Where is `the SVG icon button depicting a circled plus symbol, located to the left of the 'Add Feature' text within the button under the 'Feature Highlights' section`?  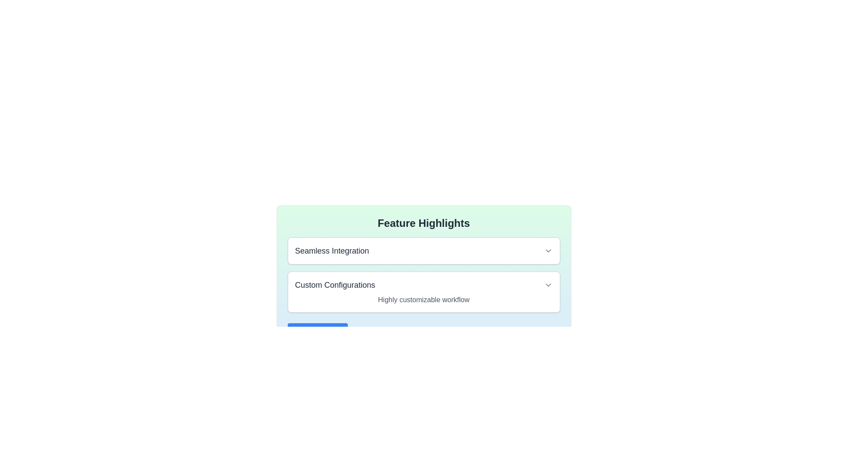
the SVG icon button depicting a circled plus symbol, located to the left of the 'Add Feature' text within the button under the 'Feature Highlights' section is located at coordinates (299, 334).